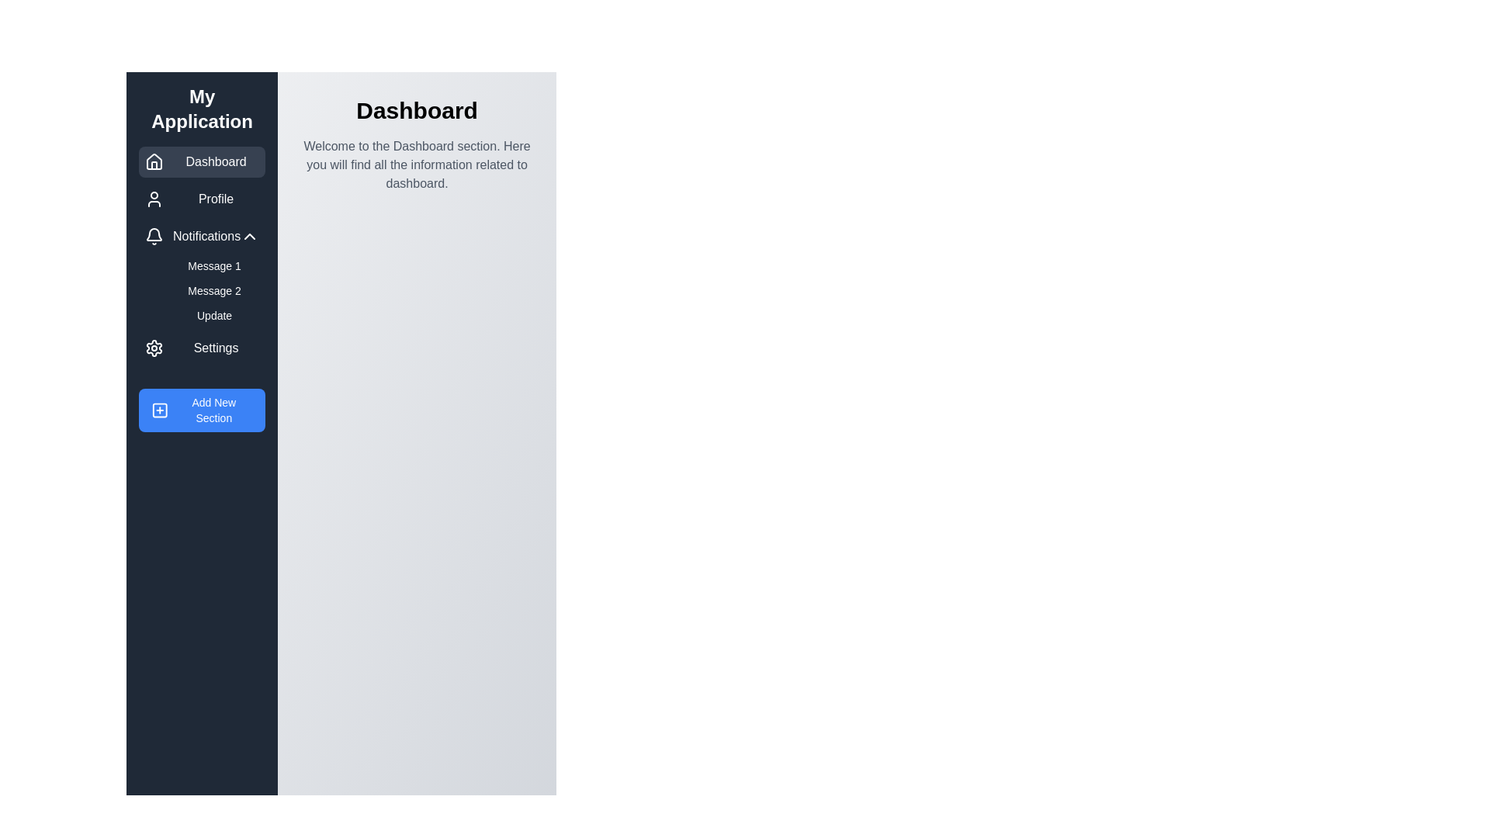 Image resolution: width=1490 pixels, height=838 pixels. I want to click on the 'Notifications' button located in the sidebar, which features a bell icon on the left and a chevron icon on the right, so click(201, 236).